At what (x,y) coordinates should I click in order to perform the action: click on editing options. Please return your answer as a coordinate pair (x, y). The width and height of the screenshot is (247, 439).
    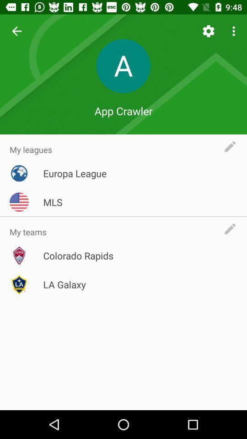
    Looking at the image, I should click on (232, 146).